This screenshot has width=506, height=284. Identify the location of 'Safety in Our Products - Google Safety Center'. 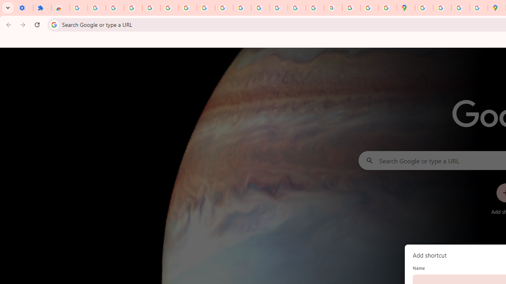
(478, 8).